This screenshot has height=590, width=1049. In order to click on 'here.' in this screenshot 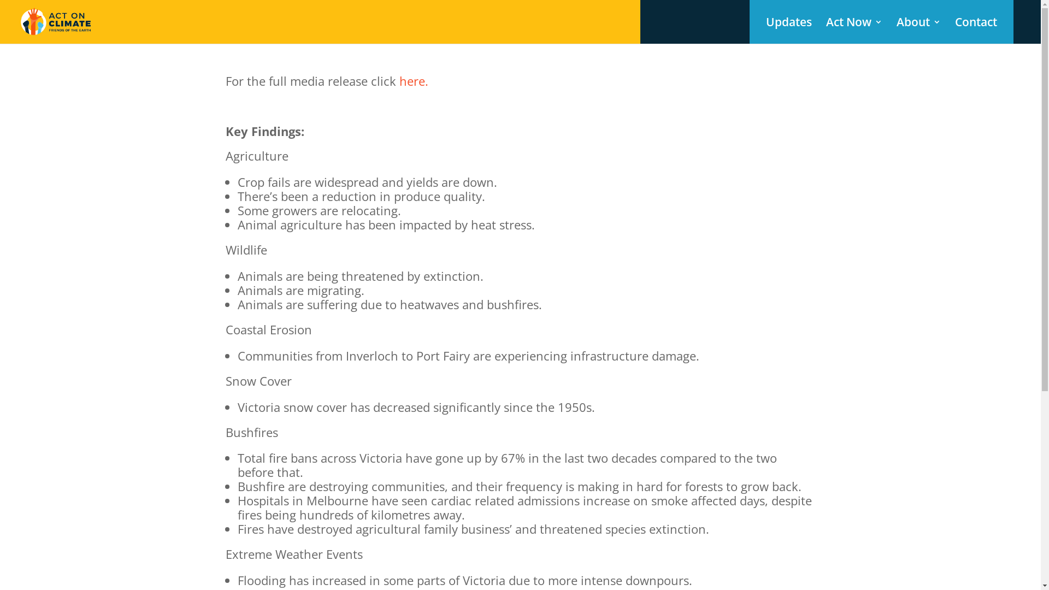, I will do `click(412, 80)`.